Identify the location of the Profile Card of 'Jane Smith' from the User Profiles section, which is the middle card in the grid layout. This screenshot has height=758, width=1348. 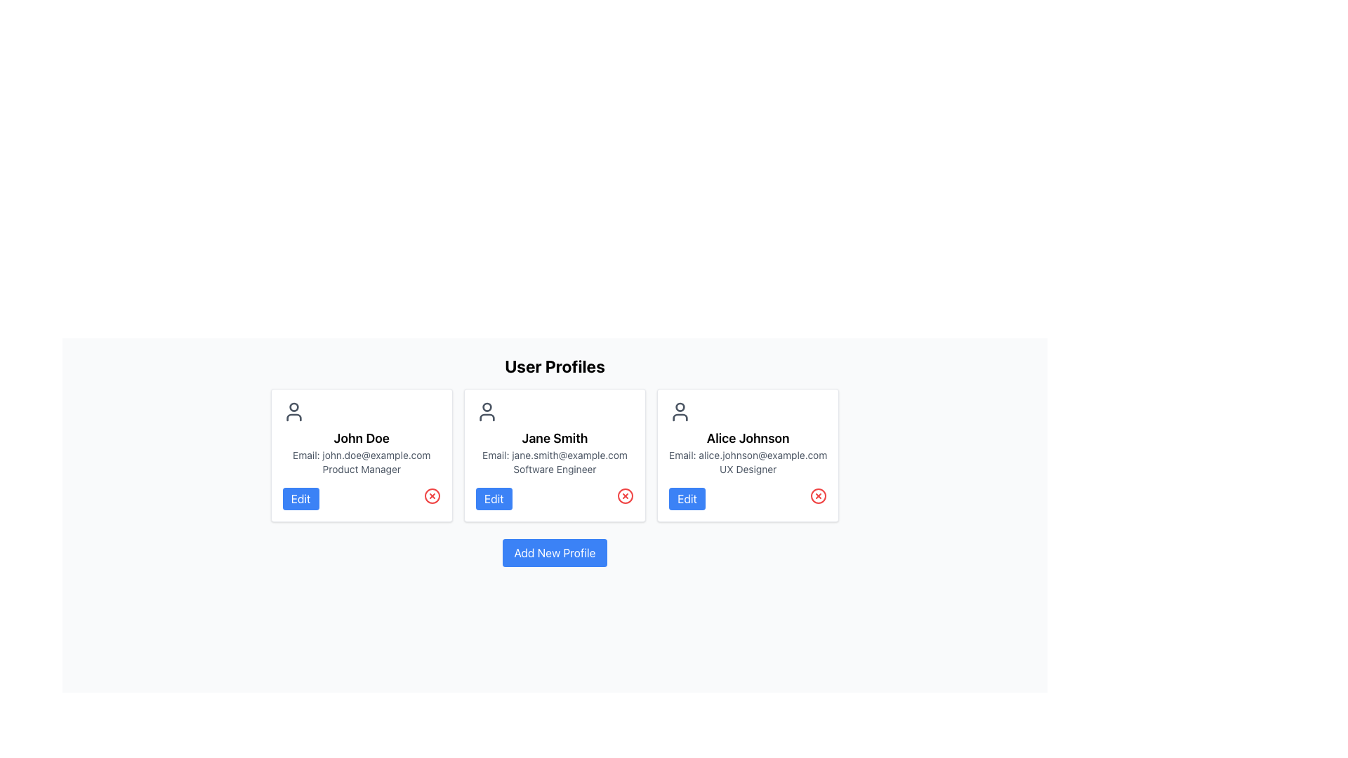
(554, 455).